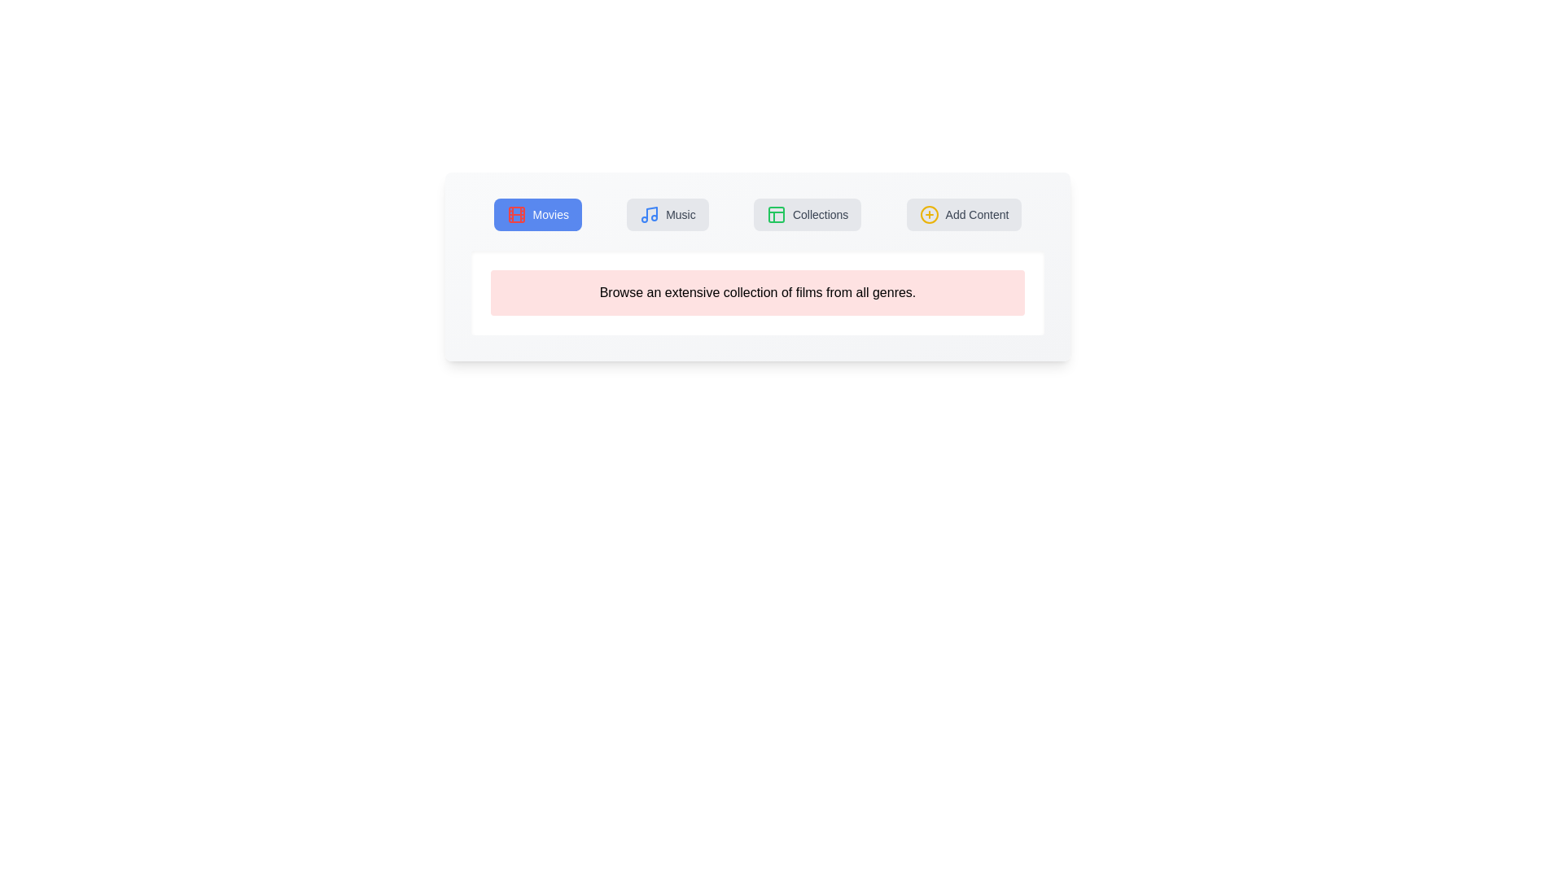  What do you see at coordinates (808, 213) in the screenshot?
I see `the tab labeled Collections to navigate to its corresponding section` at bounding box center [808, 213].